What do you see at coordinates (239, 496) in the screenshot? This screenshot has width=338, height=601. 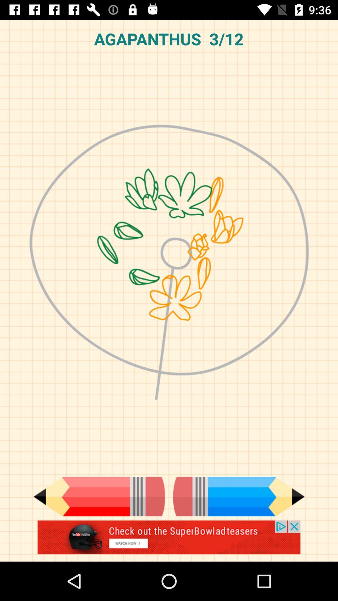 I see `go next` at bounding box center [239, 496].